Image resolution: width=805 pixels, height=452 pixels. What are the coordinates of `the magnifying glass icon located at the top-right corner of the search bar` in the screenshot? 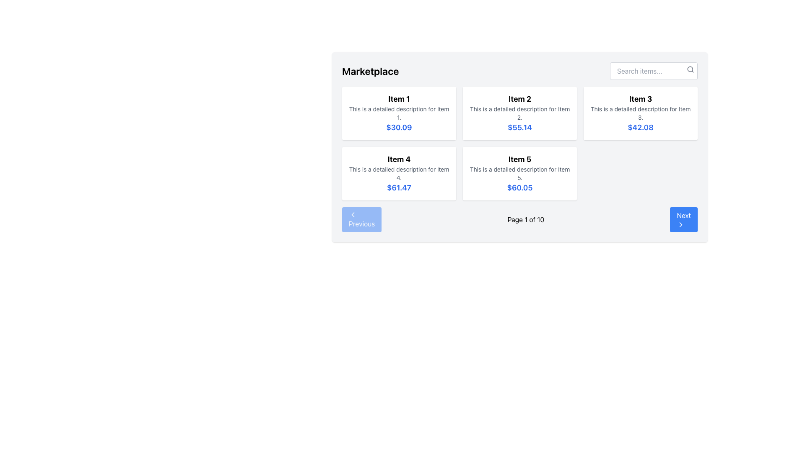 It's located at (690, 69).